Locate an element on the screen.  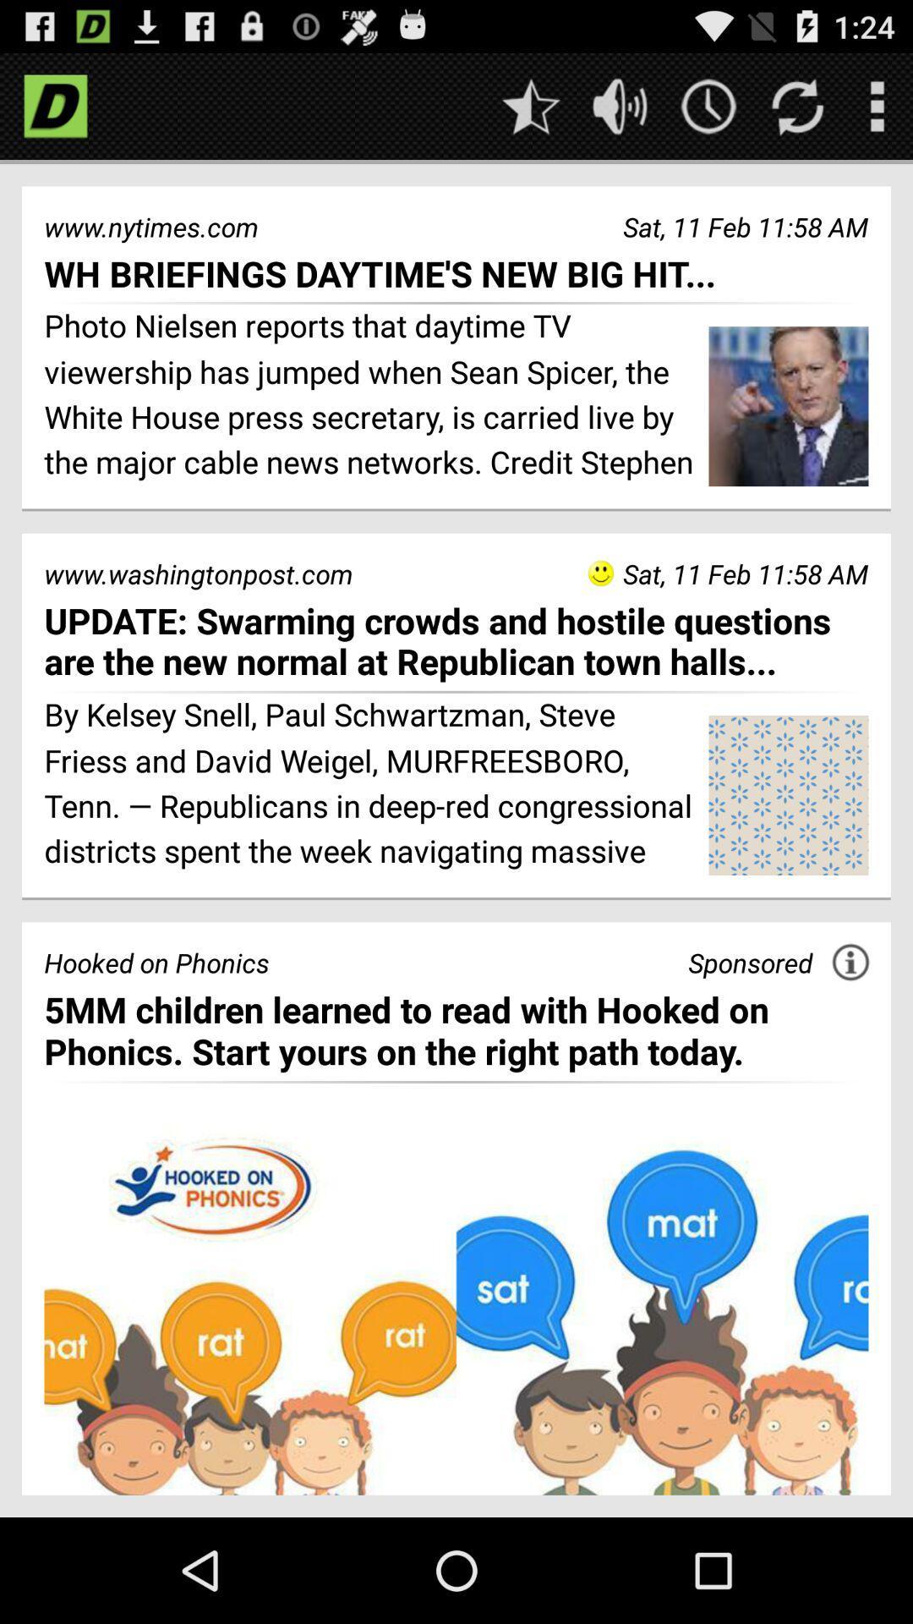
open menu is located at coordinates (876, 105).